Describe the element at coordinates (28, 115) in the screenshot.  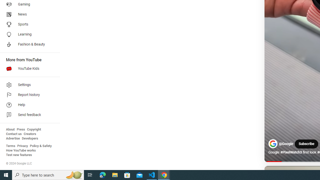
I see `'Send feedback'` at that location.